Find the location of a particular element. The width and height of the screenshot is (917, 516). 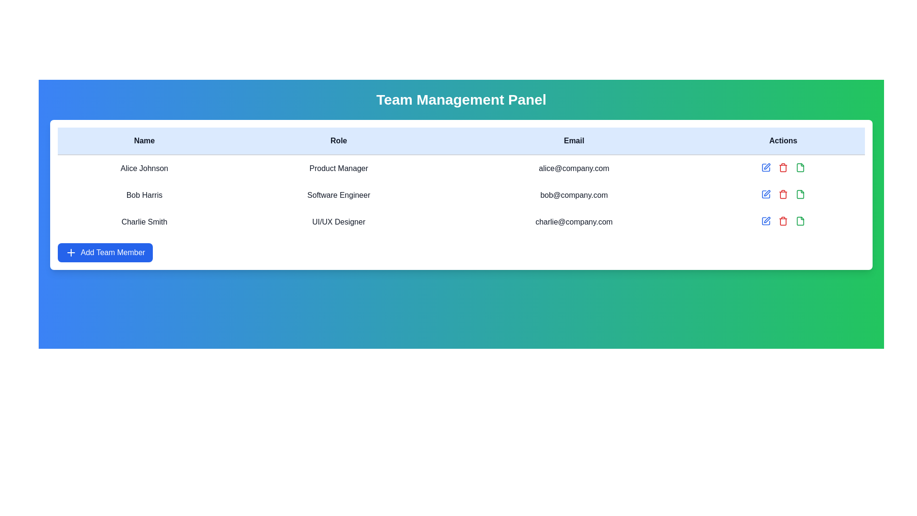

the blue pencil icon button in the 'Actions' column of the second row is located at coordinates (766, 167).